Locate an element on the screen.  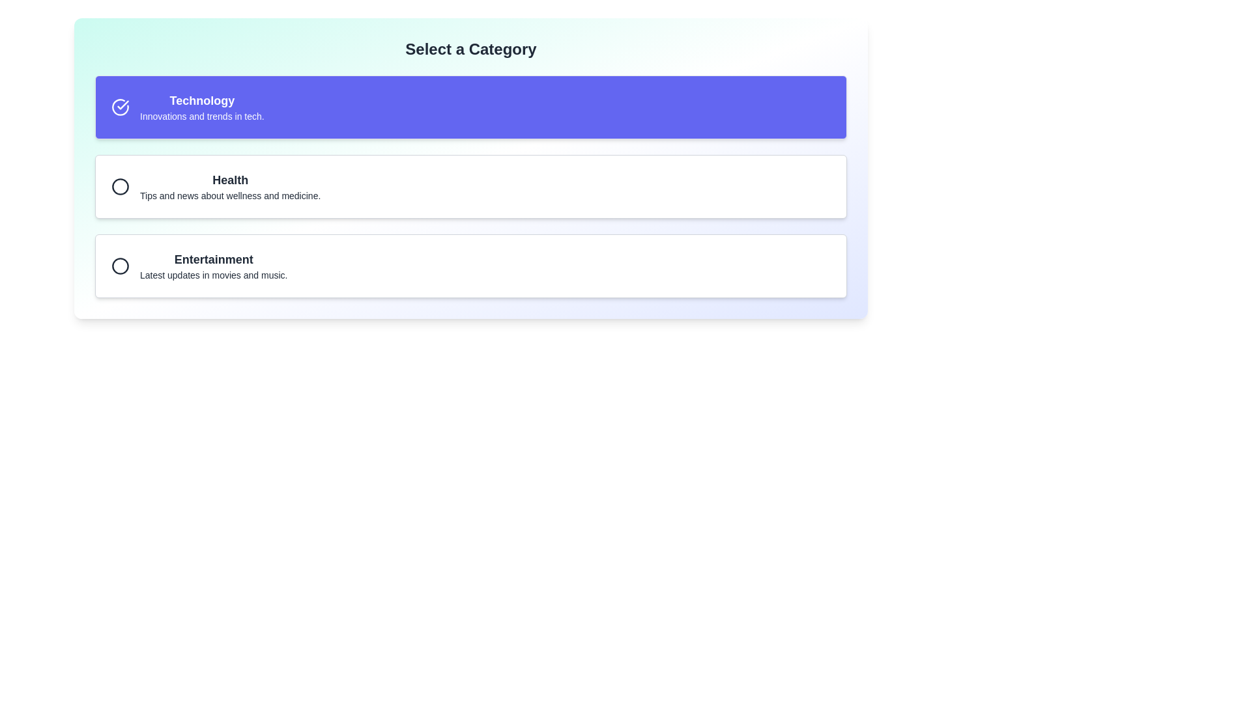
the text label that provides additional information about the 'Health' category, located below the 'Health' header in the second category option is located at coordinates (230, 195).